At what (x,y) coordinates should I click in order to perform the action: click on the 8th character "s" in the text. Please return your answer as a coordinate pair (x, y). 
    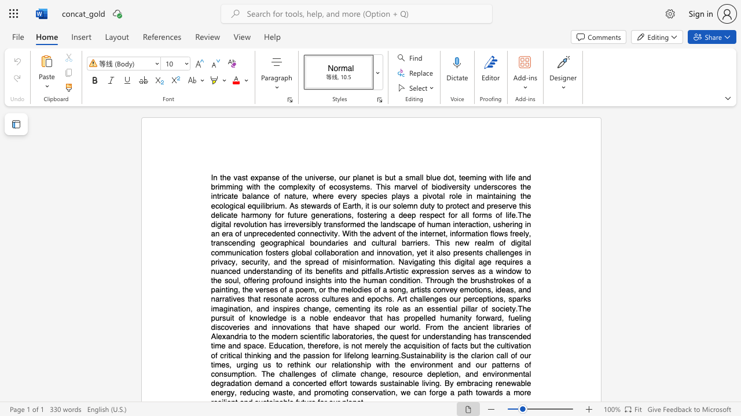
    Looking at the image, I should click on (367, 186).